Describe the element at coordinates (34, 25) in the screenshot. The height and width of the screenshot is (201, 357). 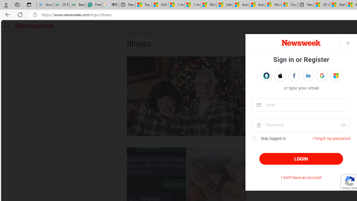
I see `'Newsweek logo'` at that location.